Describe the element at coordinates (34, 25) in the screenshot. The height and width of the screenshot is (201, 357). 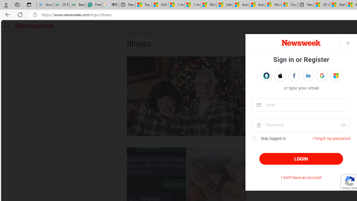
I see `'Newsweek logo'` at that location.